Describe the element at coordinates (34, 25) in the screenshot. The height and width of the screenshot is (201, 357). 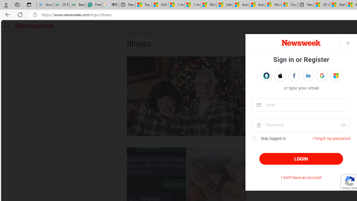
I see `'Newsweek logo'` at that location.